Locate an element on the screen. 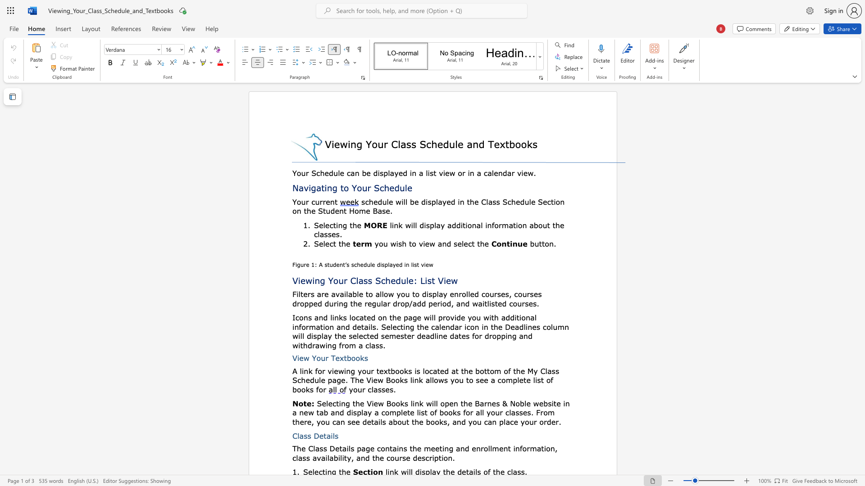 Image resolution: width=865 pixels, height=486 pixels. the subset text "t the" within the text "Select the" is located at coordinates (332, 243).